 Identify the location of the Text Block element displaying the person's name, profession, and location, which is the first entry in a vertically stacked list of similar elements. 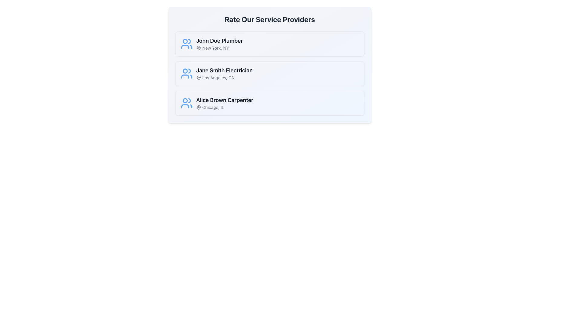
(219, 44).